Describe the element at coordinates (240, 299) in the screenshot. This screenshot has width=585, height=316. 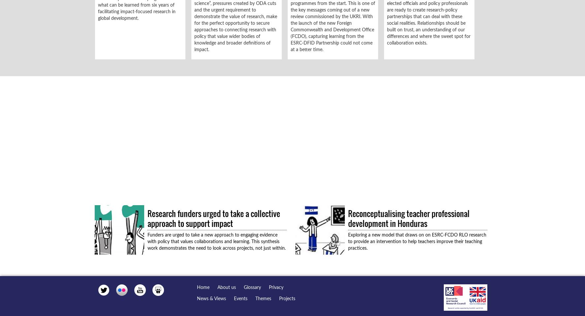
I see `'Events'` at that location.